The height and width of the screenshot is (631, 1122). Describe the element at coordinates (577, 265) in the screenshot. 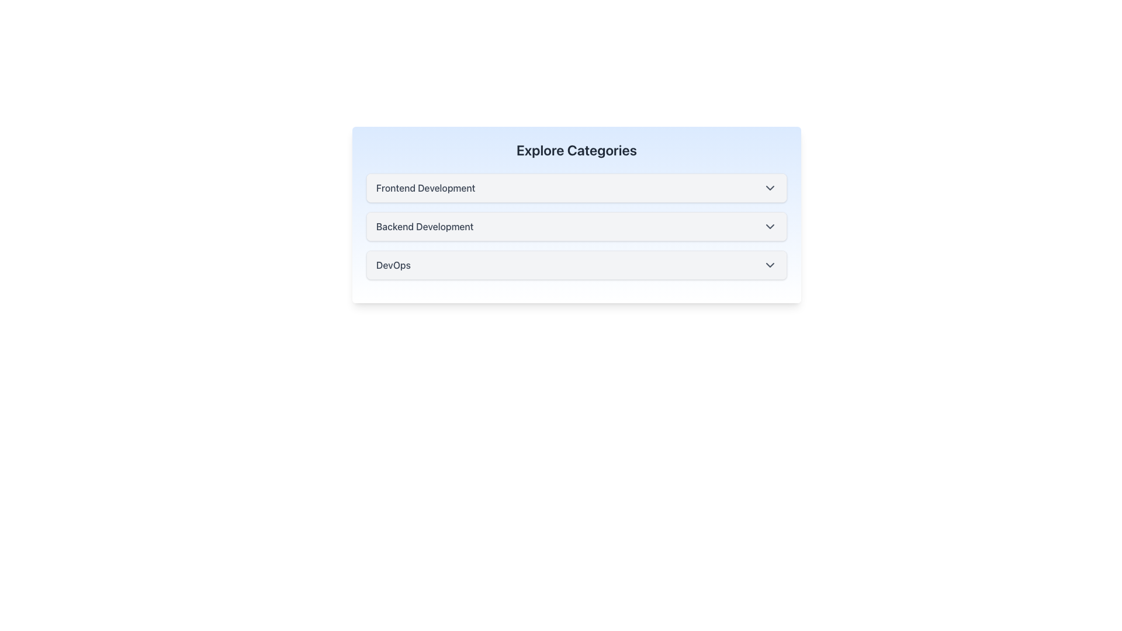

I see `the 'DevOps' button in the Collapsible List Item under 'Explore Categories'` at that location.